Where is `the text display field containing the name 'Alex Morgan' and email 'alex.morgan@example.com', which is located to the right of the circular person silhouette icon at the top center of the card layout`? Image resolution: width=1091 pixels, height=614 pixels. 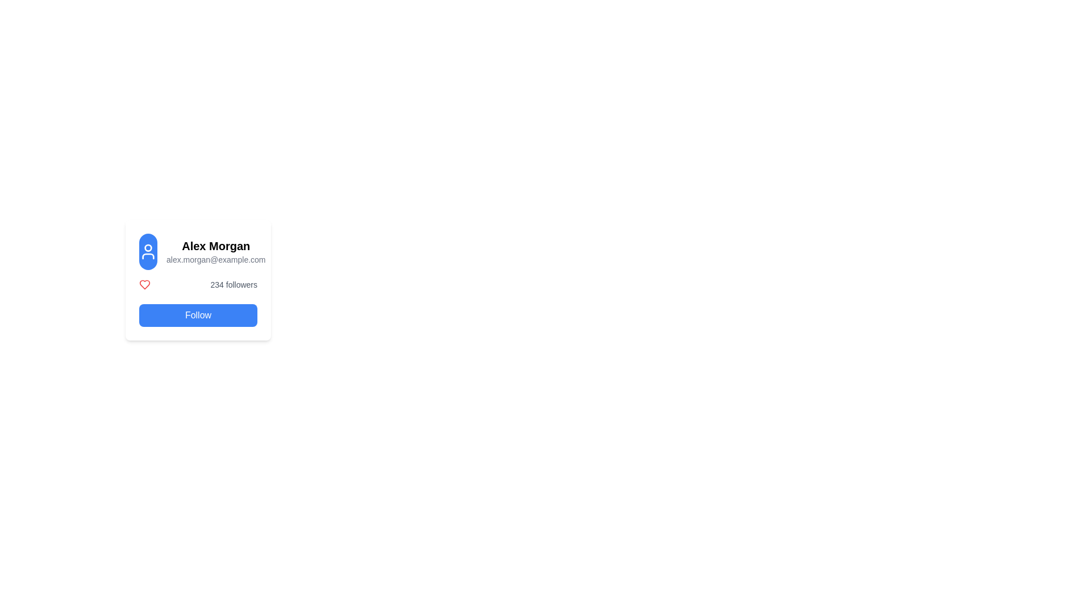
the text display field containing the name 'Alex Morgan' and email 'alex.morgan@example.com', which is located to the right of the circular person silhouette icon at the top center of the card layout is located at coordinates (216, 251).